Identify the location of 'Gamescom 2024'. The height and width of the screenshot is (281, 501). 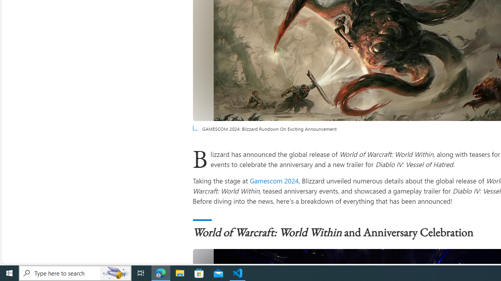
(274, 180).